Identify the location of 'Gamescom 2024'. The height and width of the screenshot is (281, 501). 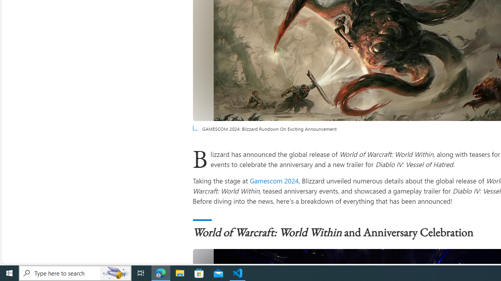
(274, 180).